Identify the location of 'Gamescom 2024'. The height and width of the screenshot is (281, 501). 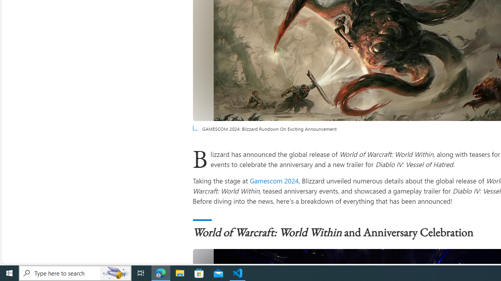
(274, 180).